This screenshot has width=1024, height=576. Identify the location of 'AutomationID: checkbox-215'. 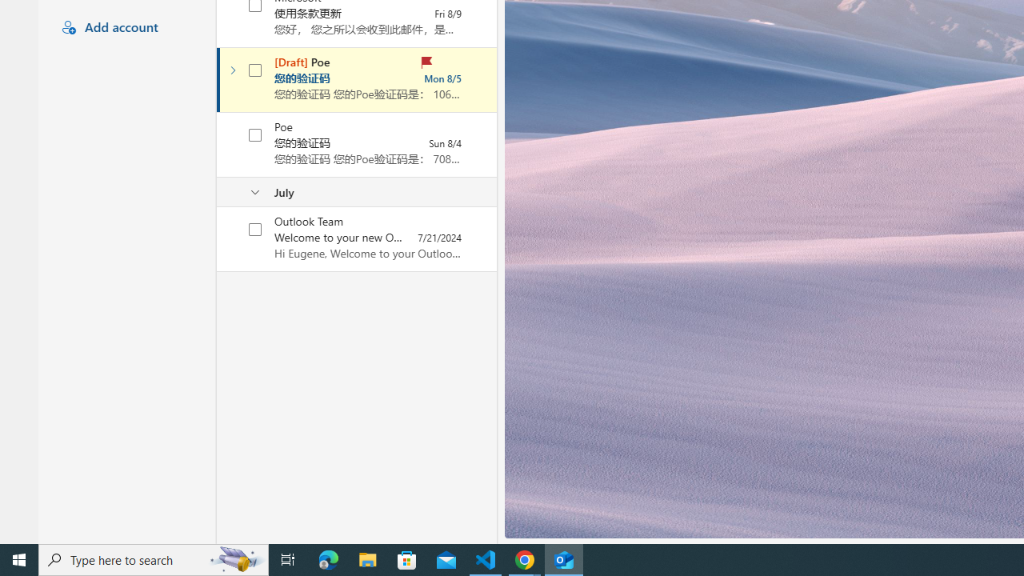
(256, 134).